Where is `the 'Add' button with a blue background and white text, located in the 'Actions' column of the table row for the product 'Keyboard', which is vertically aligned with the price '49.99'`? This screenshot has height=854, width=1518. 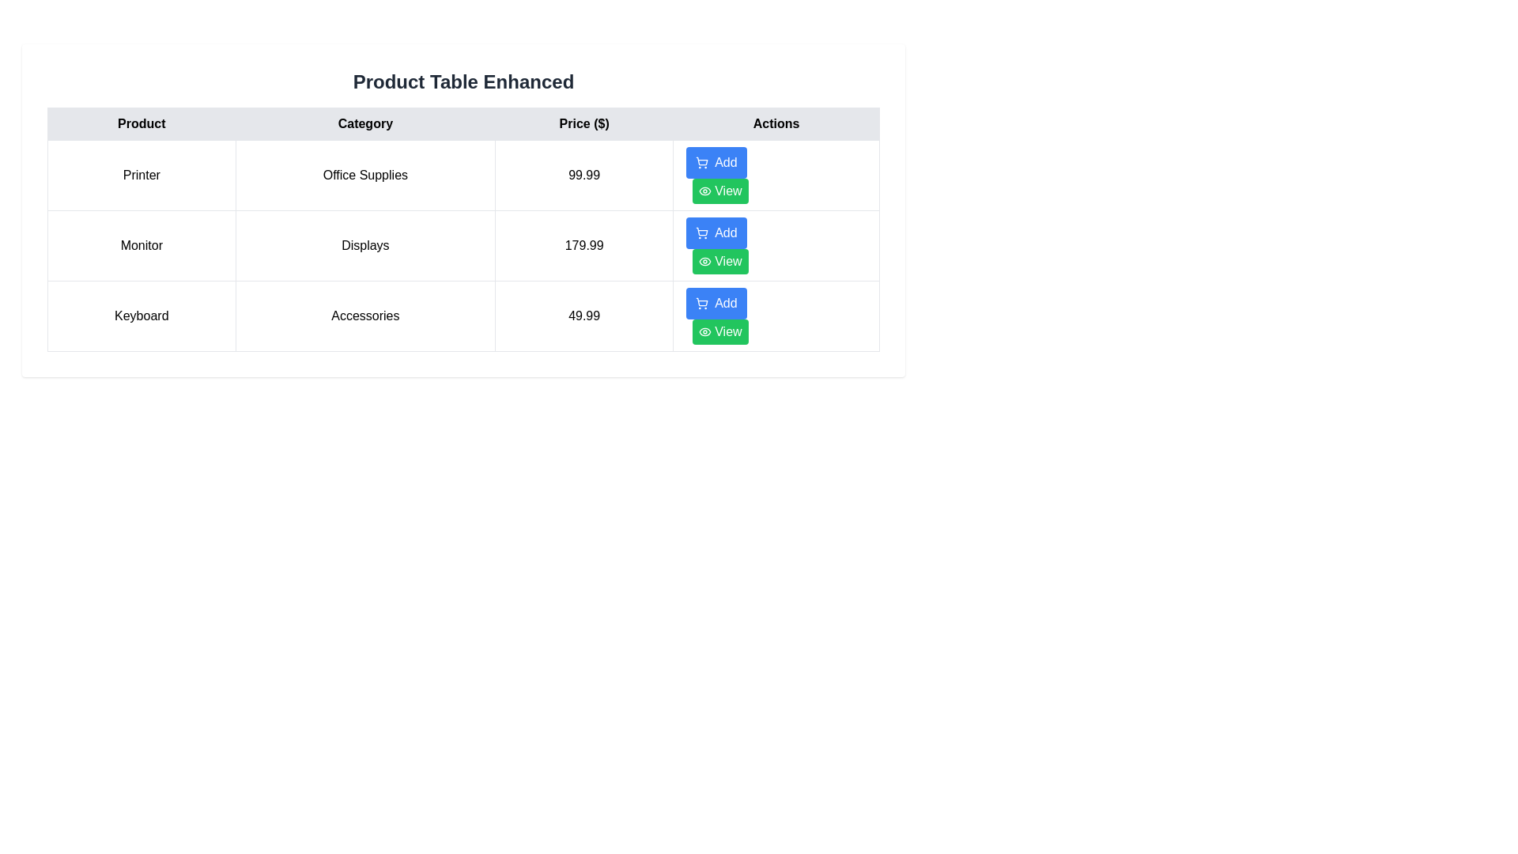
the 'Add' button with a blue background and white text, located in the 'Actions' column of the table row for the product 'Keyboard', which is vertically aligned with the price '49.99' is located at coordinates (716, 304).